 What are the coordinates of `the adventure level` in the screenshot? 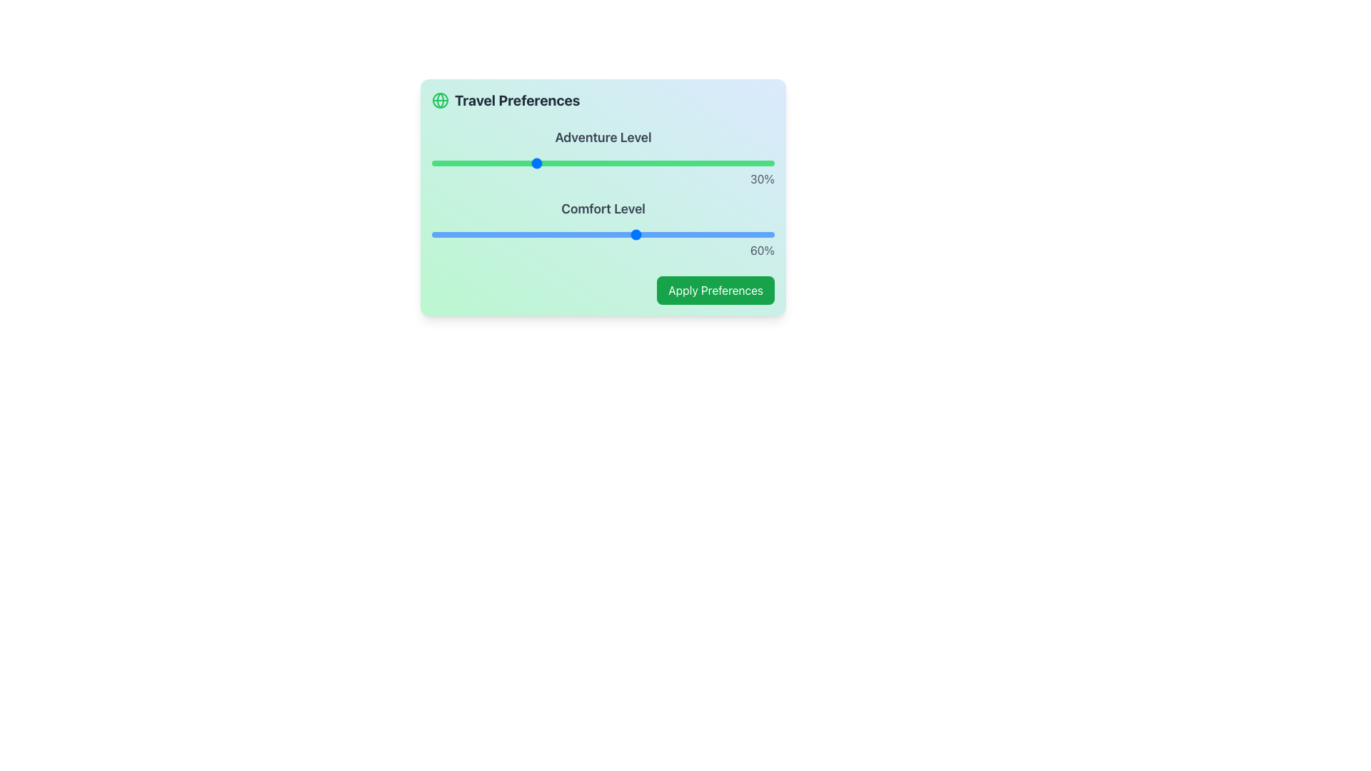 It's located at (503, 162).